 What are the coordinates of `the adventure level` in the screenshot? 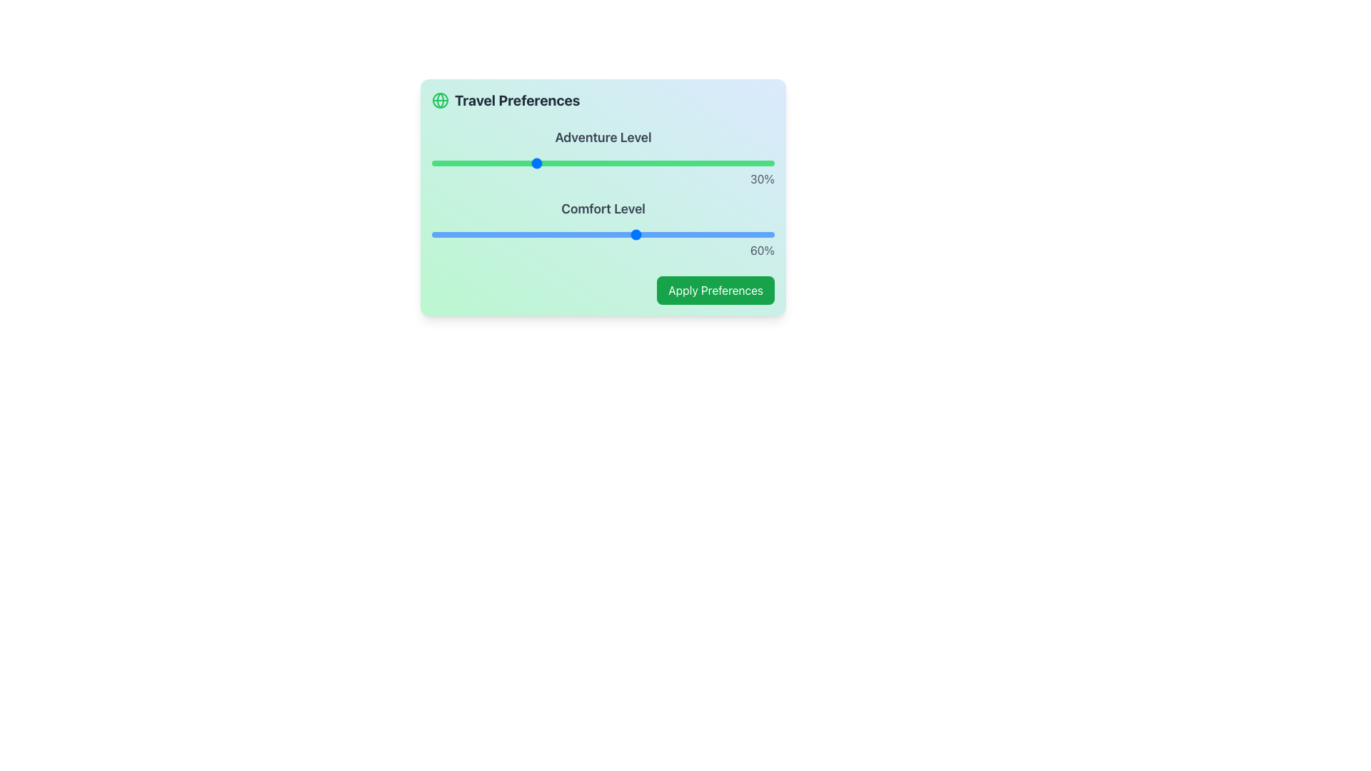 It's located at (503, 162).